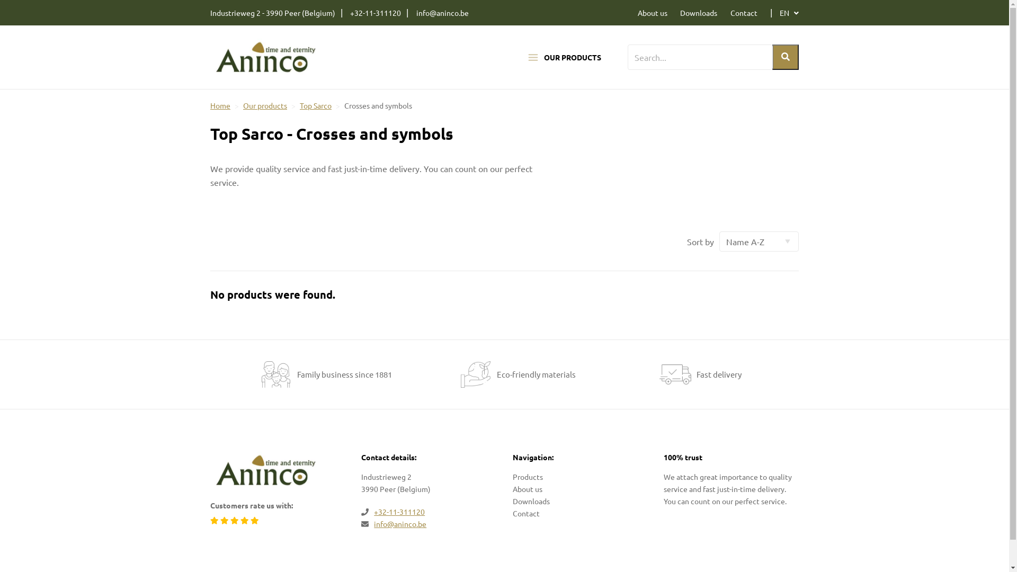 The height and width of the screenshot is (572, 1017). Describe the element at coordinates (789, 13) in the screenshot. I see `'EN'` at that location.